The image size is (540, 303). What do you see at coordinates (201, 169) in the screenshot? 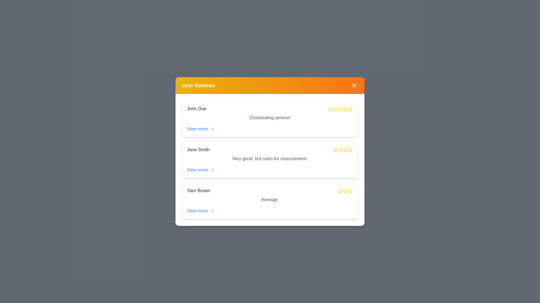
I see `'View more' link for the review of Jane Smith` at bounding box center [201, 169].